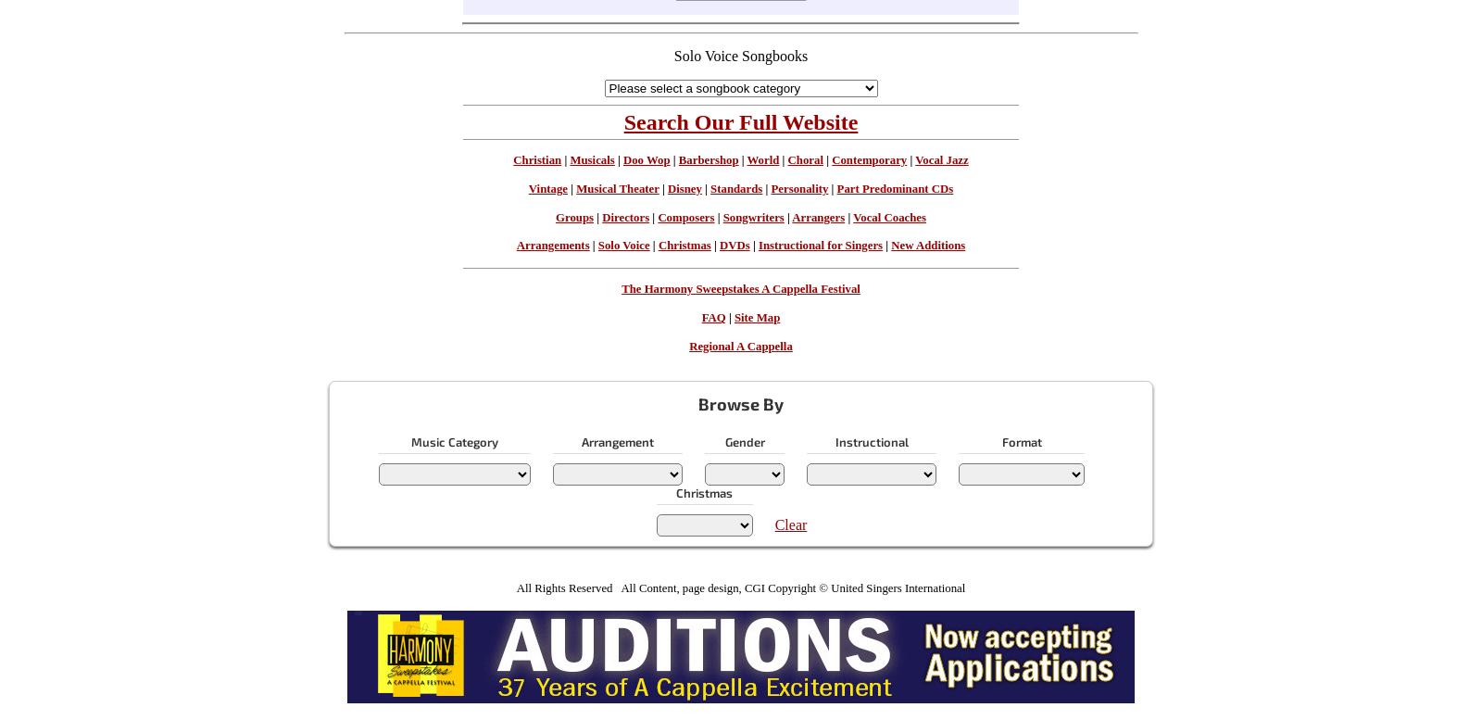 This screenshot has height=720, width=1482. Describe the element at coordinates (798, 187) in the screenshot. I see `'Personality'` at that location.